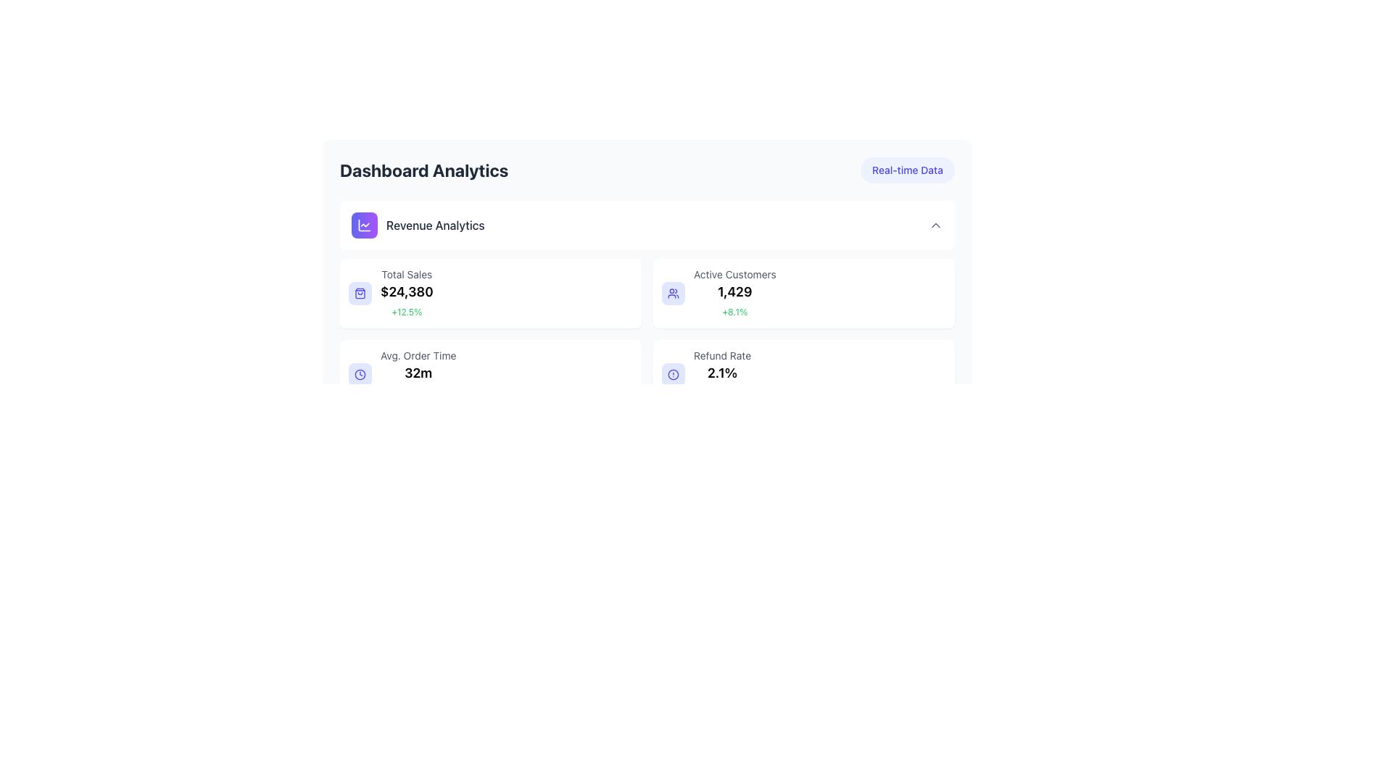 The width and height of the screenshot is (1392, 783). I want to click on the 'Refund Rate' statistical information block located in the lower-right corner of the dashboard interface, so click(722, 373).